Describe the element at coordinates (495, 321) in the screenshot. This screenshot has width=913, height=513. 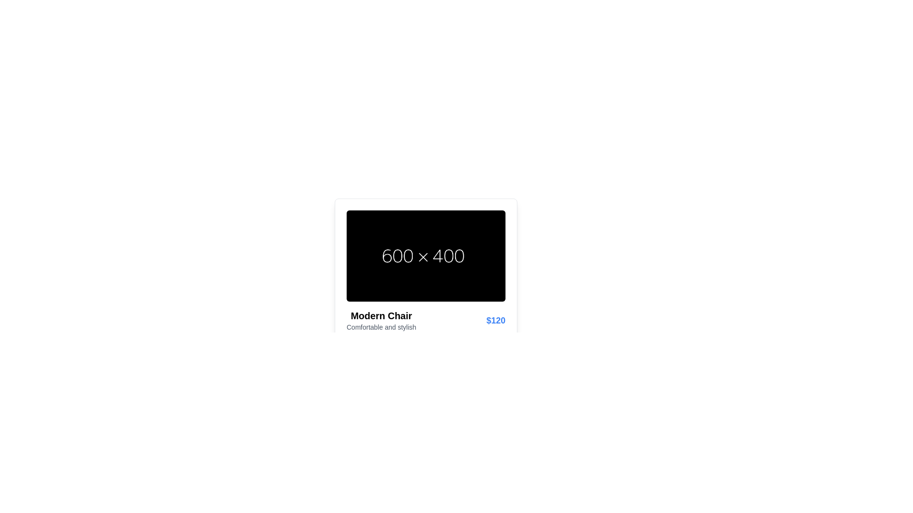
I see `the static text label displaying '$120' in bold blue font, located on the right side of the product description area of the product display card` at that location.